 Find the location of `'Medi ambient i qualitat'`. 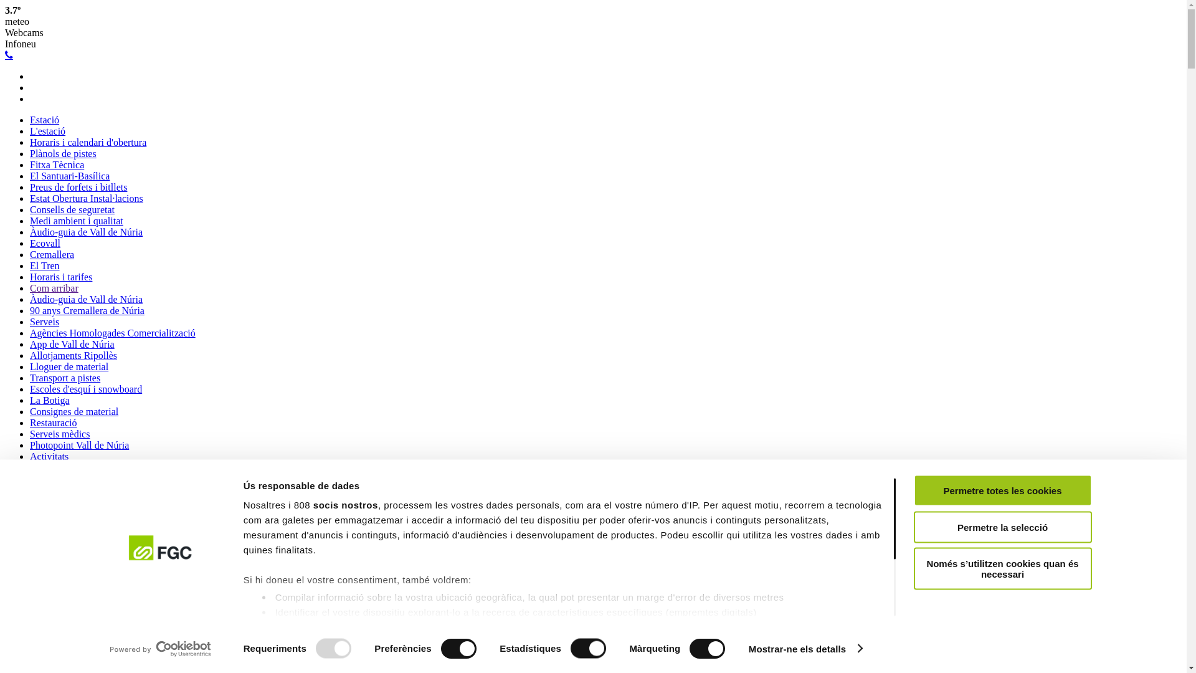

'Medi ambient i qualitat' is located at coordinates (30, 220).